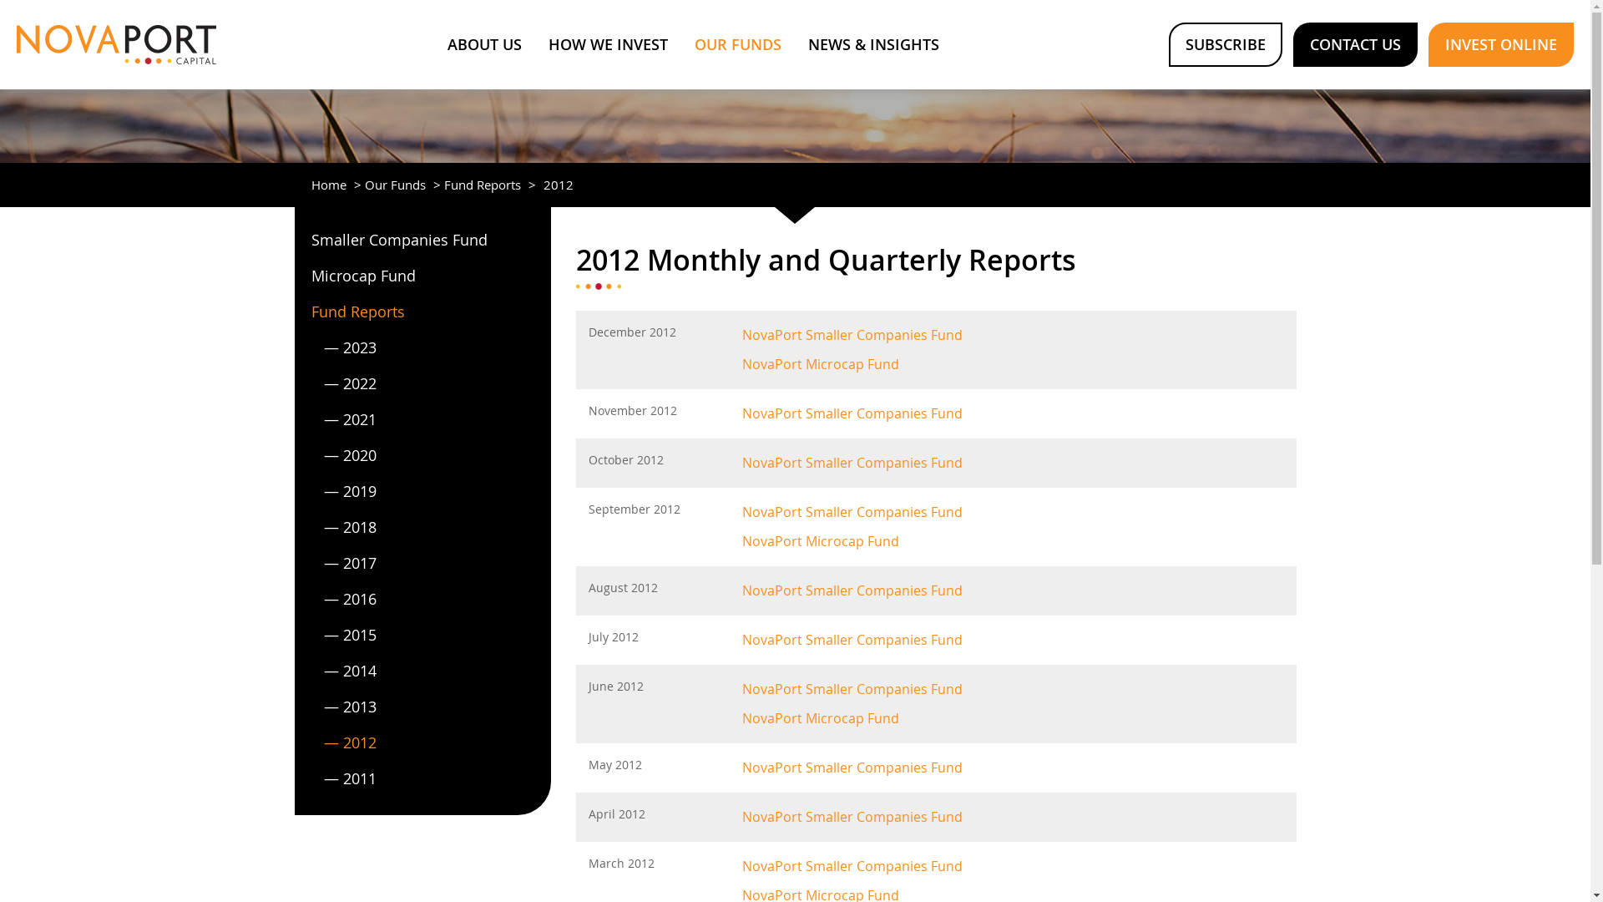  Describe the element at coordinates (311, 591) in the screenshot. I see `'2016'` at that location.